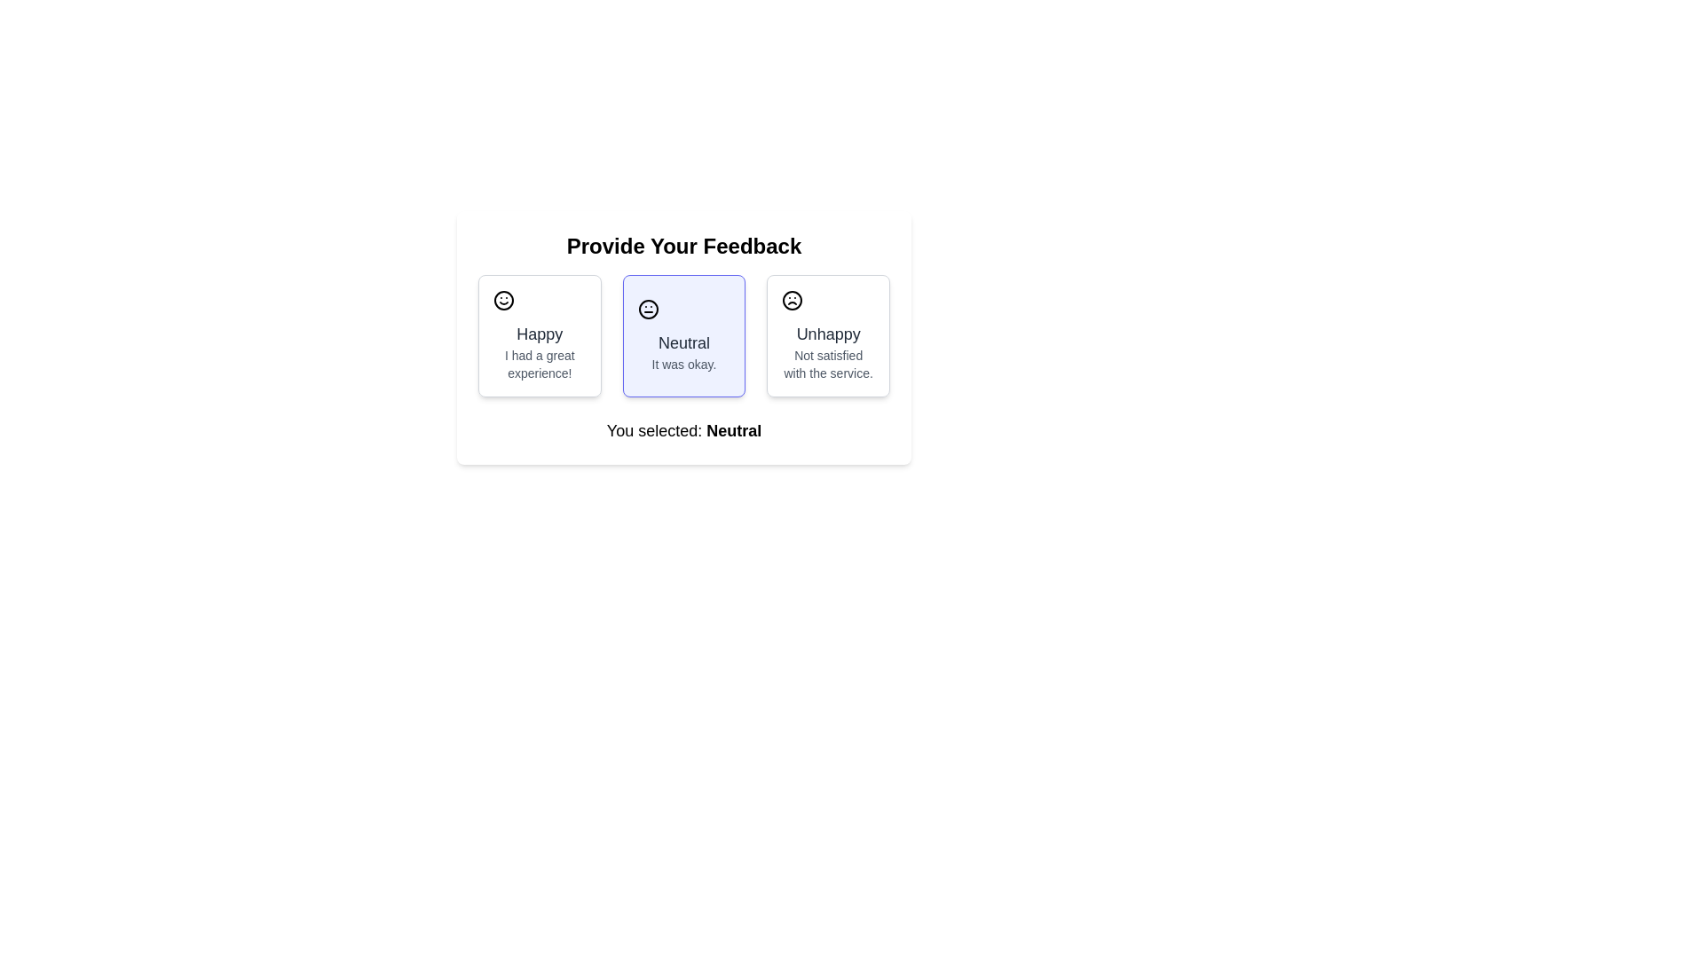 Image resolution: width=1704 pixels, height=958 pixels. Describe the element at coordinates (683, 364) in the screenshot. I see `descriptive text label for the 'Neutral' feedback option, which is centrally positioned under the 'Neutral' label and icon` at that location.